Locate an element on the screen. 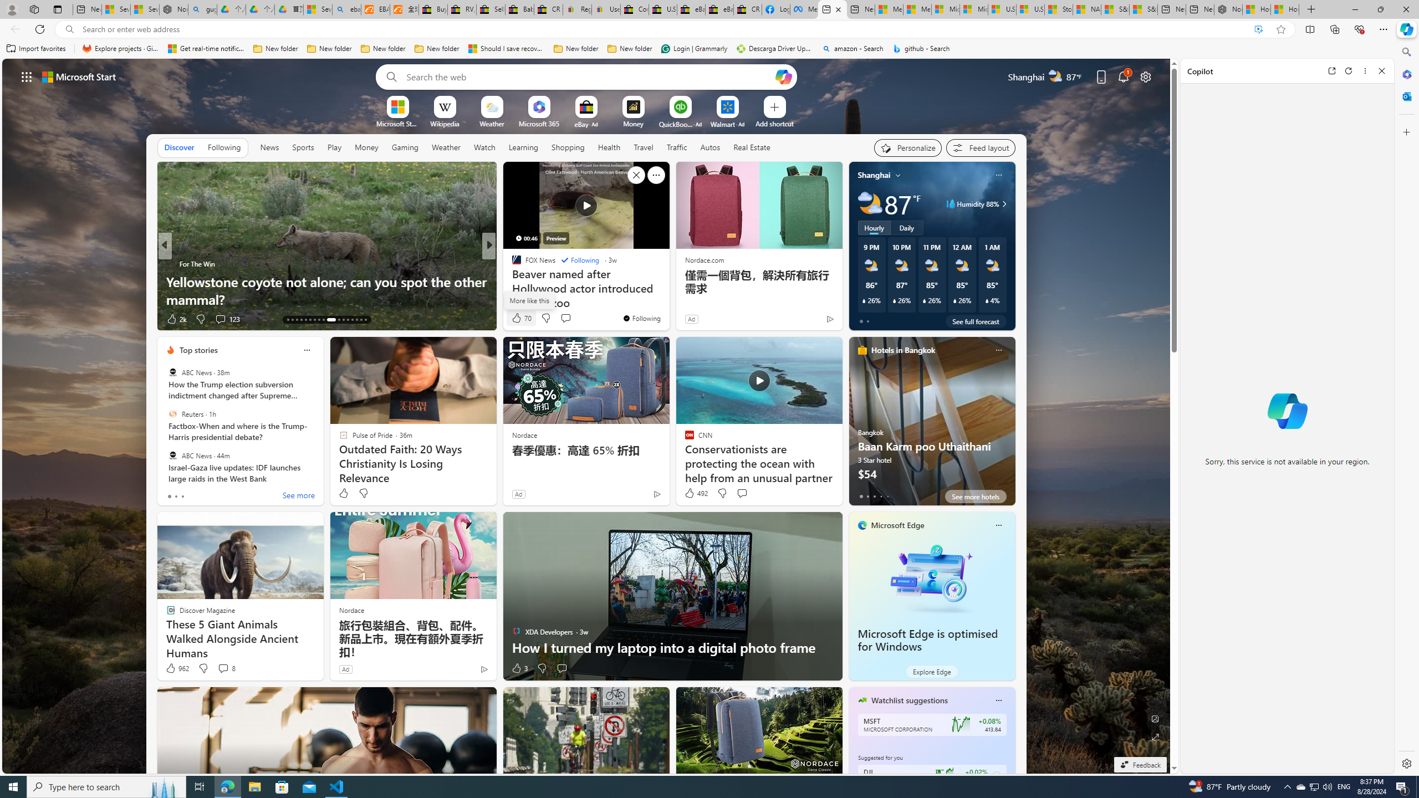 The width and height of the screenshot is (1419, 798). 'Shopping' is located at coordinates (568, 146).